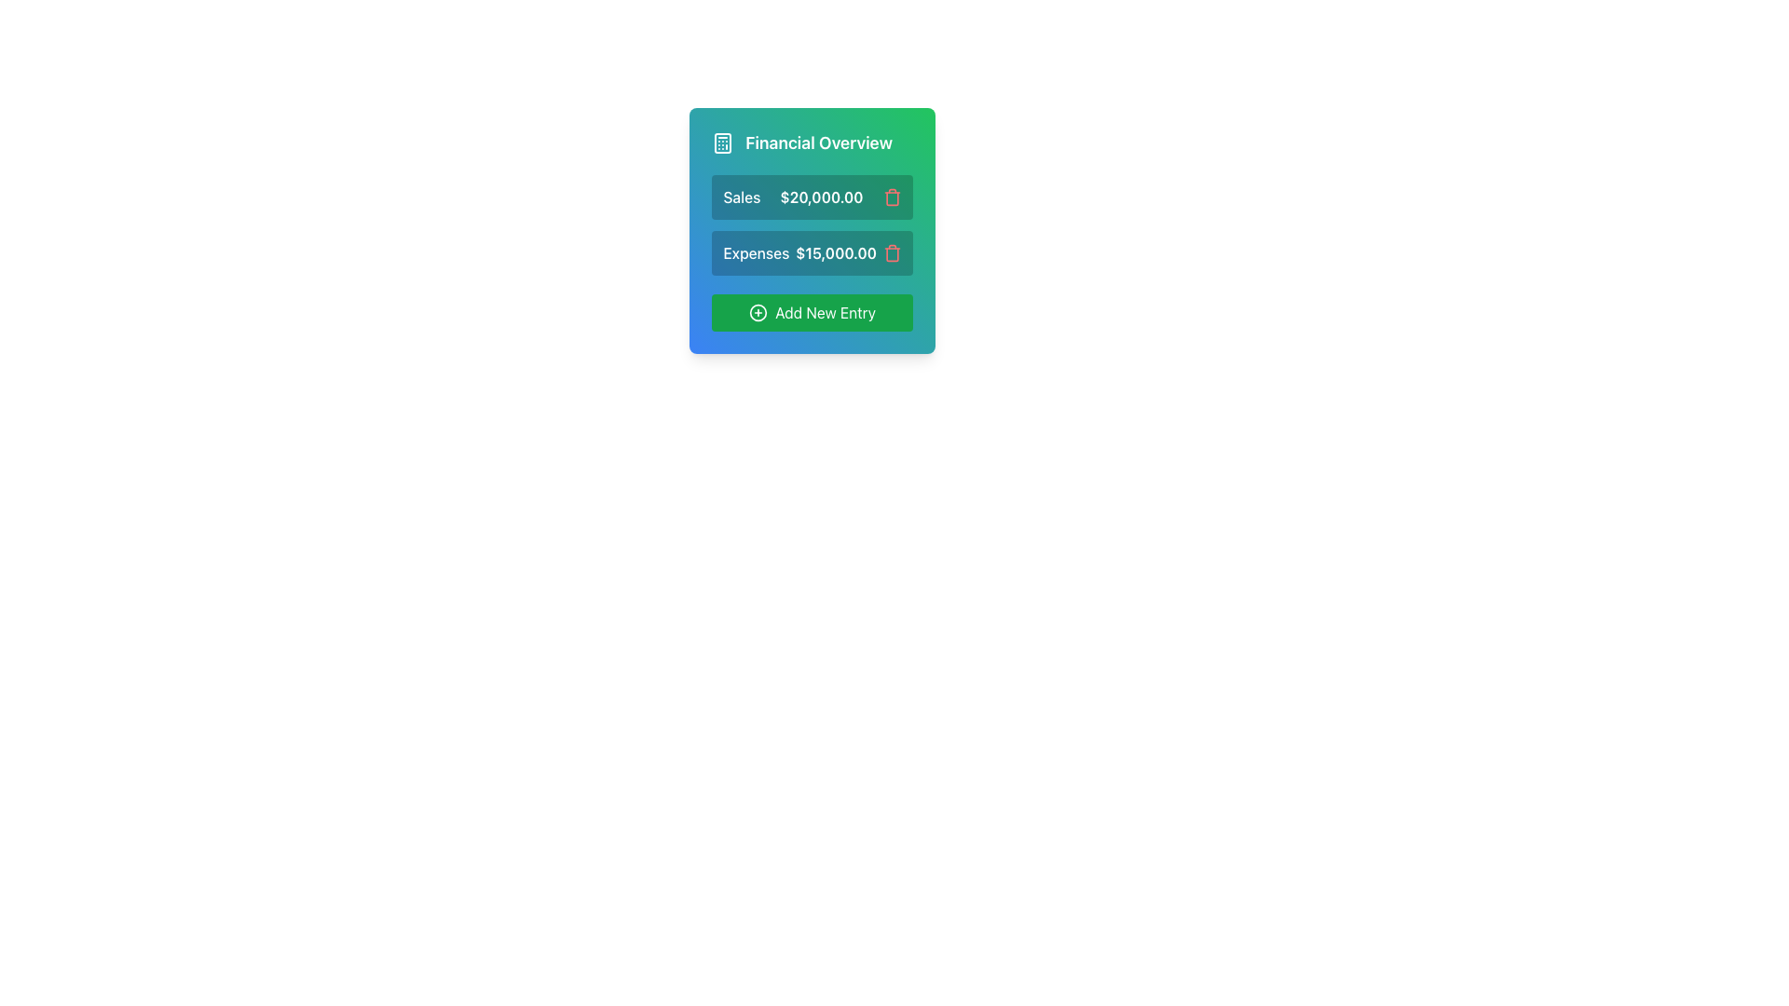 This screenshot has width=1789, height=1006. I want to click on the rectangular display panel showing the text 'Expenses $15,000.00', which features a gradient background and rounded corners, so click(813, 253).